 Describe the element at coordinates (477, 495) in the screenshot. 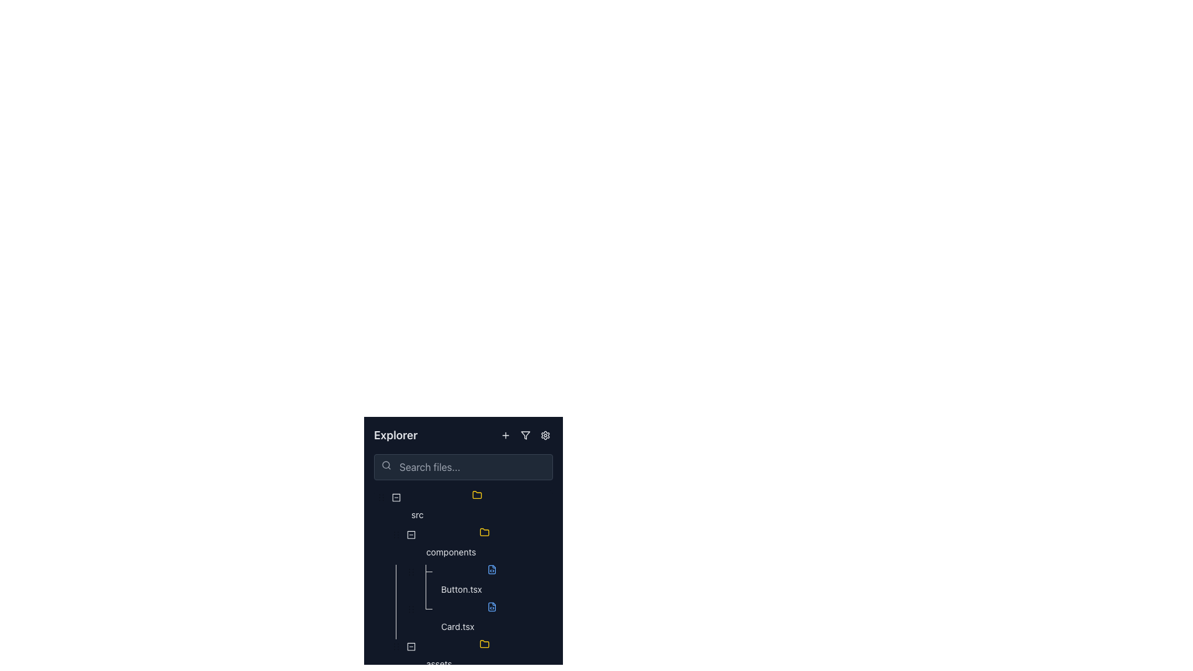

I see `the folder icon in the Explorer section` at that location.